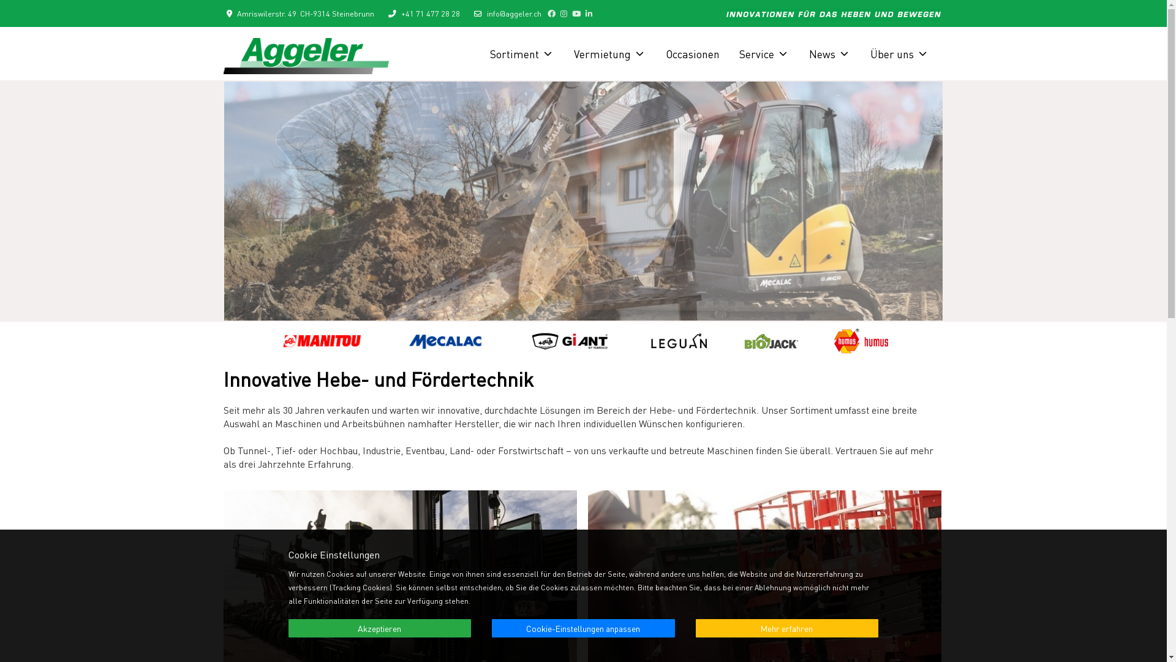 This screenshot has height=662, width=1176. I want to click on '+41 71 477 28 28', so click(429, 13).